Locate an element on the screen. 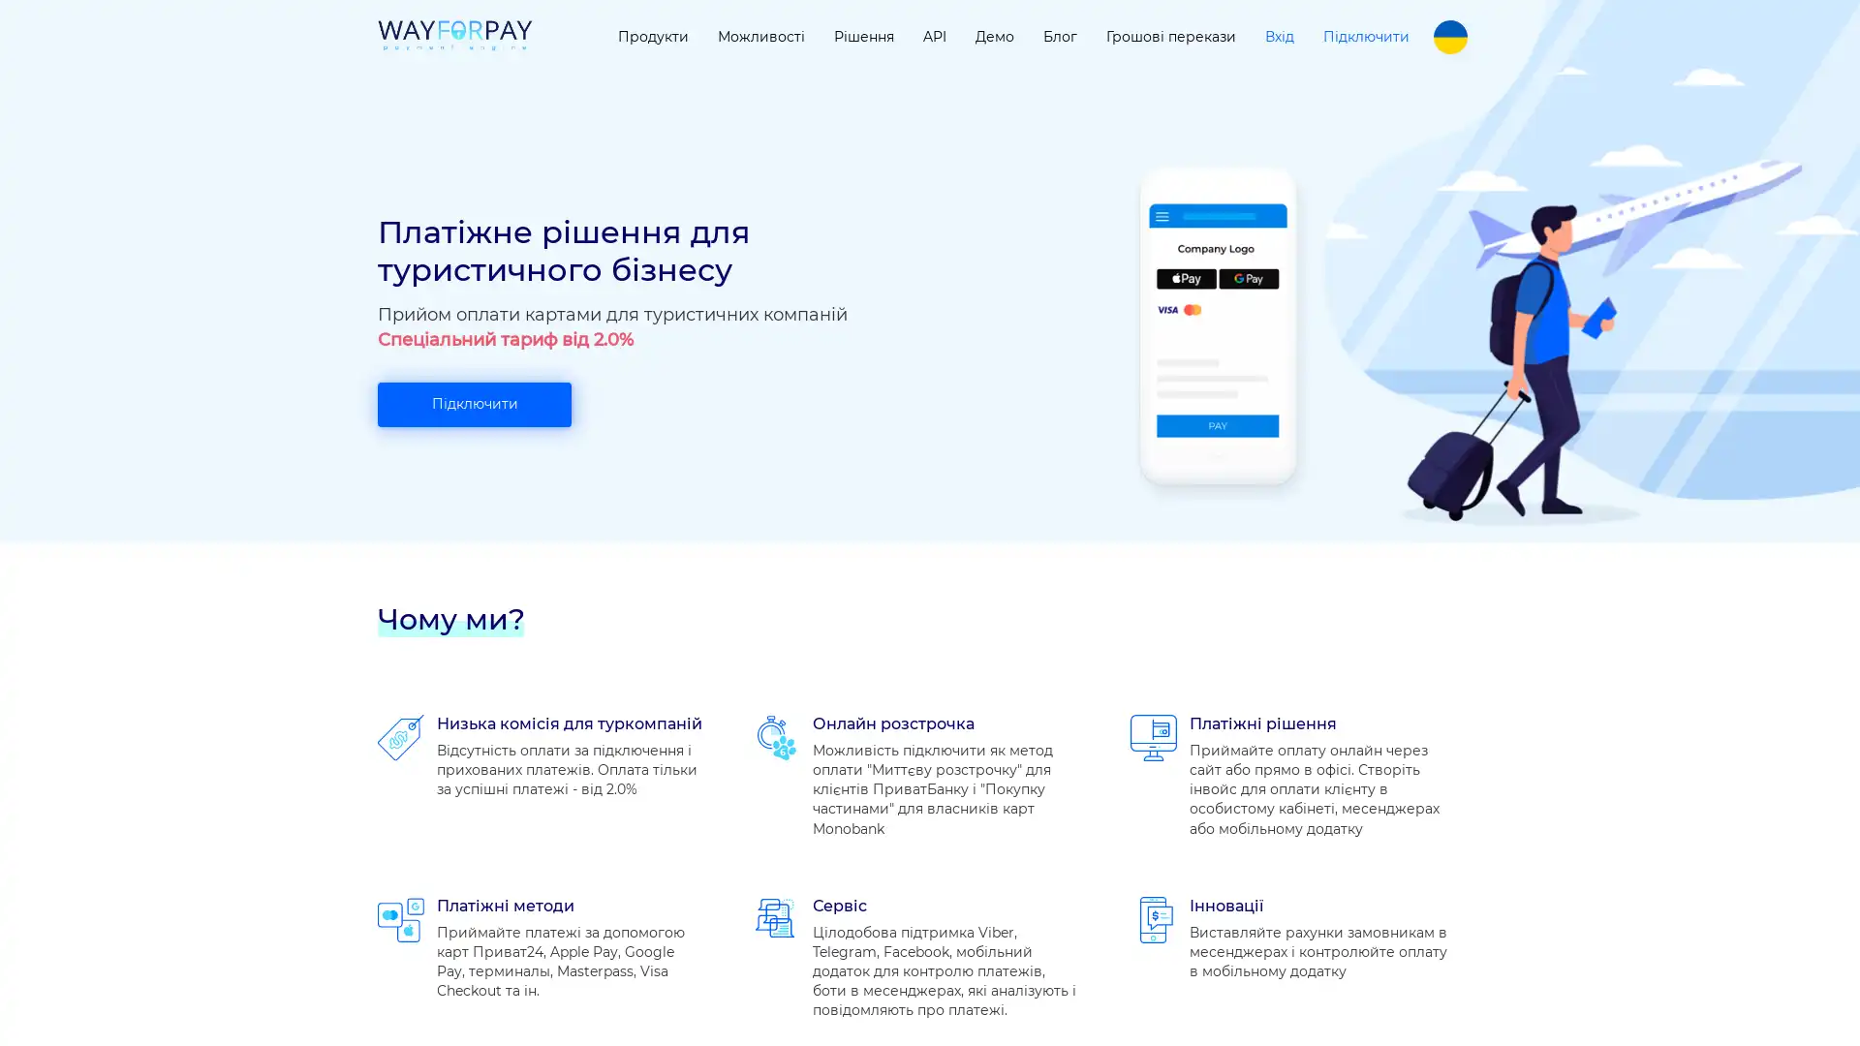 This screenshot has height=1046, width=1860. UK is located at coordinates (1450, 37).